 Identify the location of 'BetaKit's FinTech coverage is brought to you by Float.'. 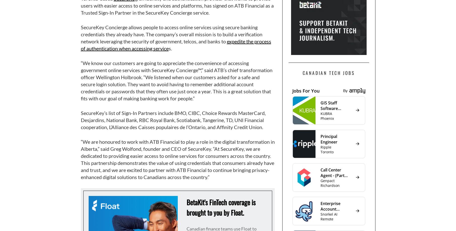
(221, 207).